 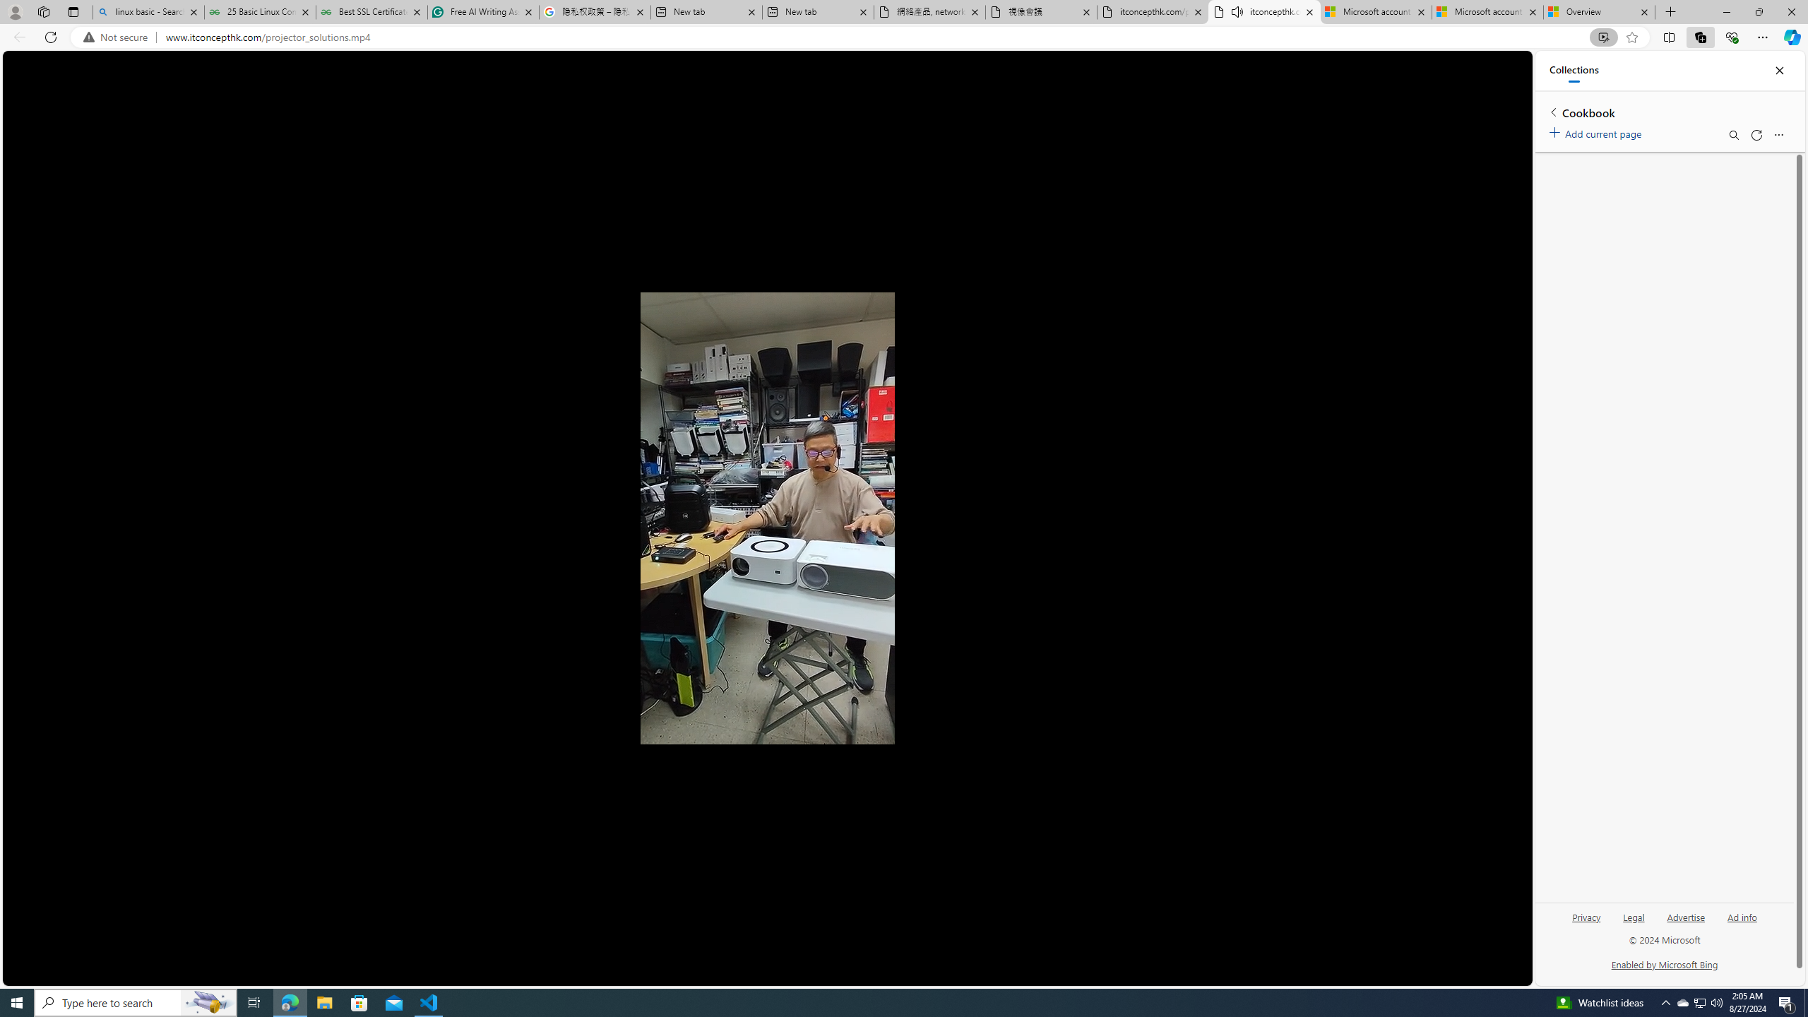 I want to click on 'linux basic - Search', so click(x=147, y=11).